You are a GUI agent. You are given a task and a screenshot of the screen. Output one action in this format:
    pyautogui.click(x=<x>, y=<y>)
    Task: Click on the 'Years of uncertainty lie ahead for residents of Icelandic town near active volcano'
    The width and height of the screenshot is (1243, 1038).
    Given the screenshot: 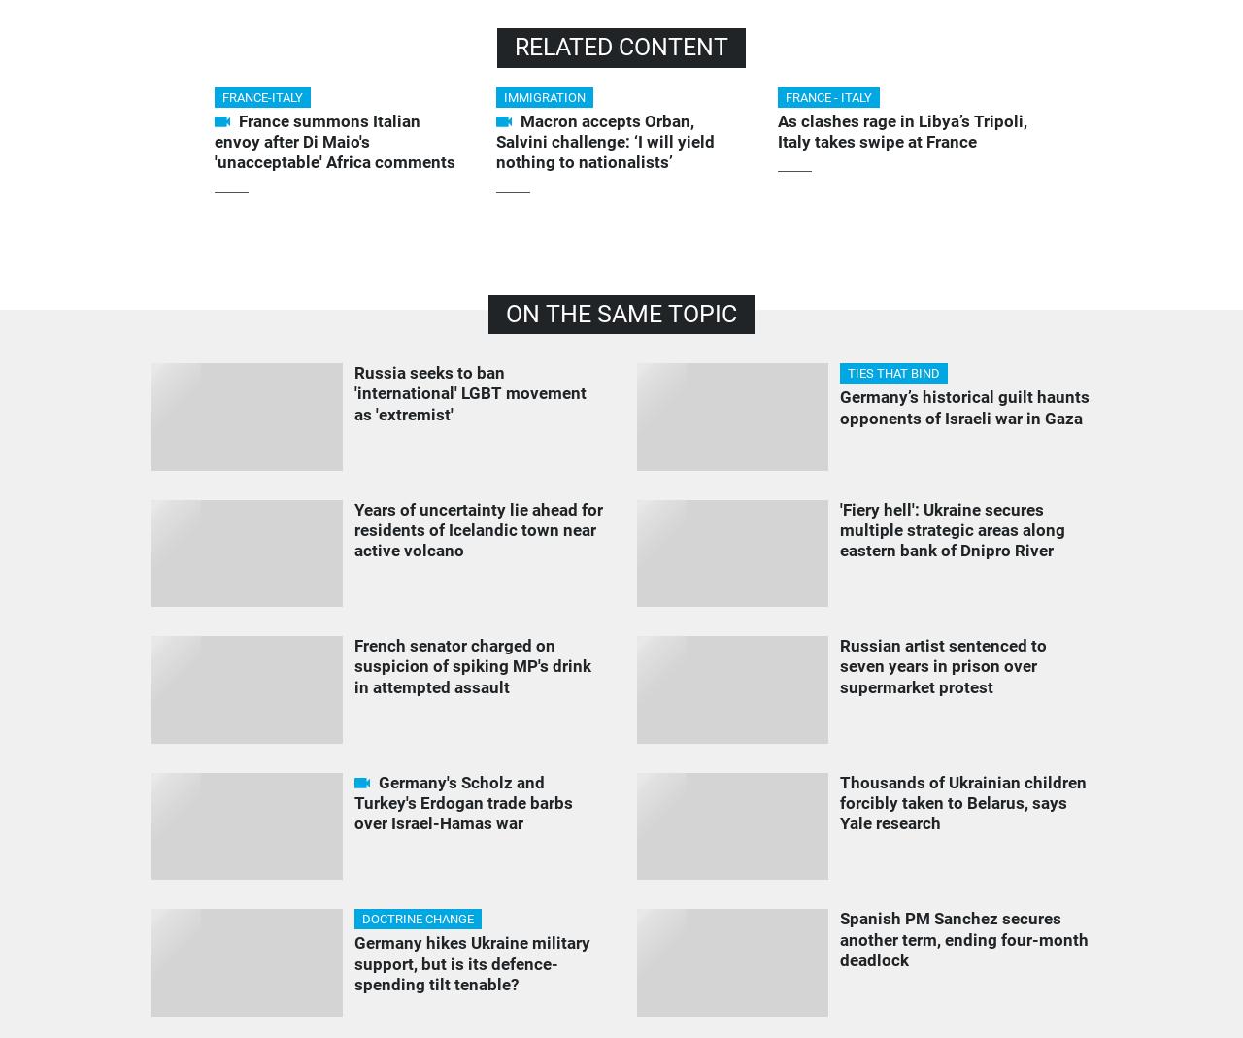 What is the action you would take?
    pyautogui.click(x=478, y=529)
    